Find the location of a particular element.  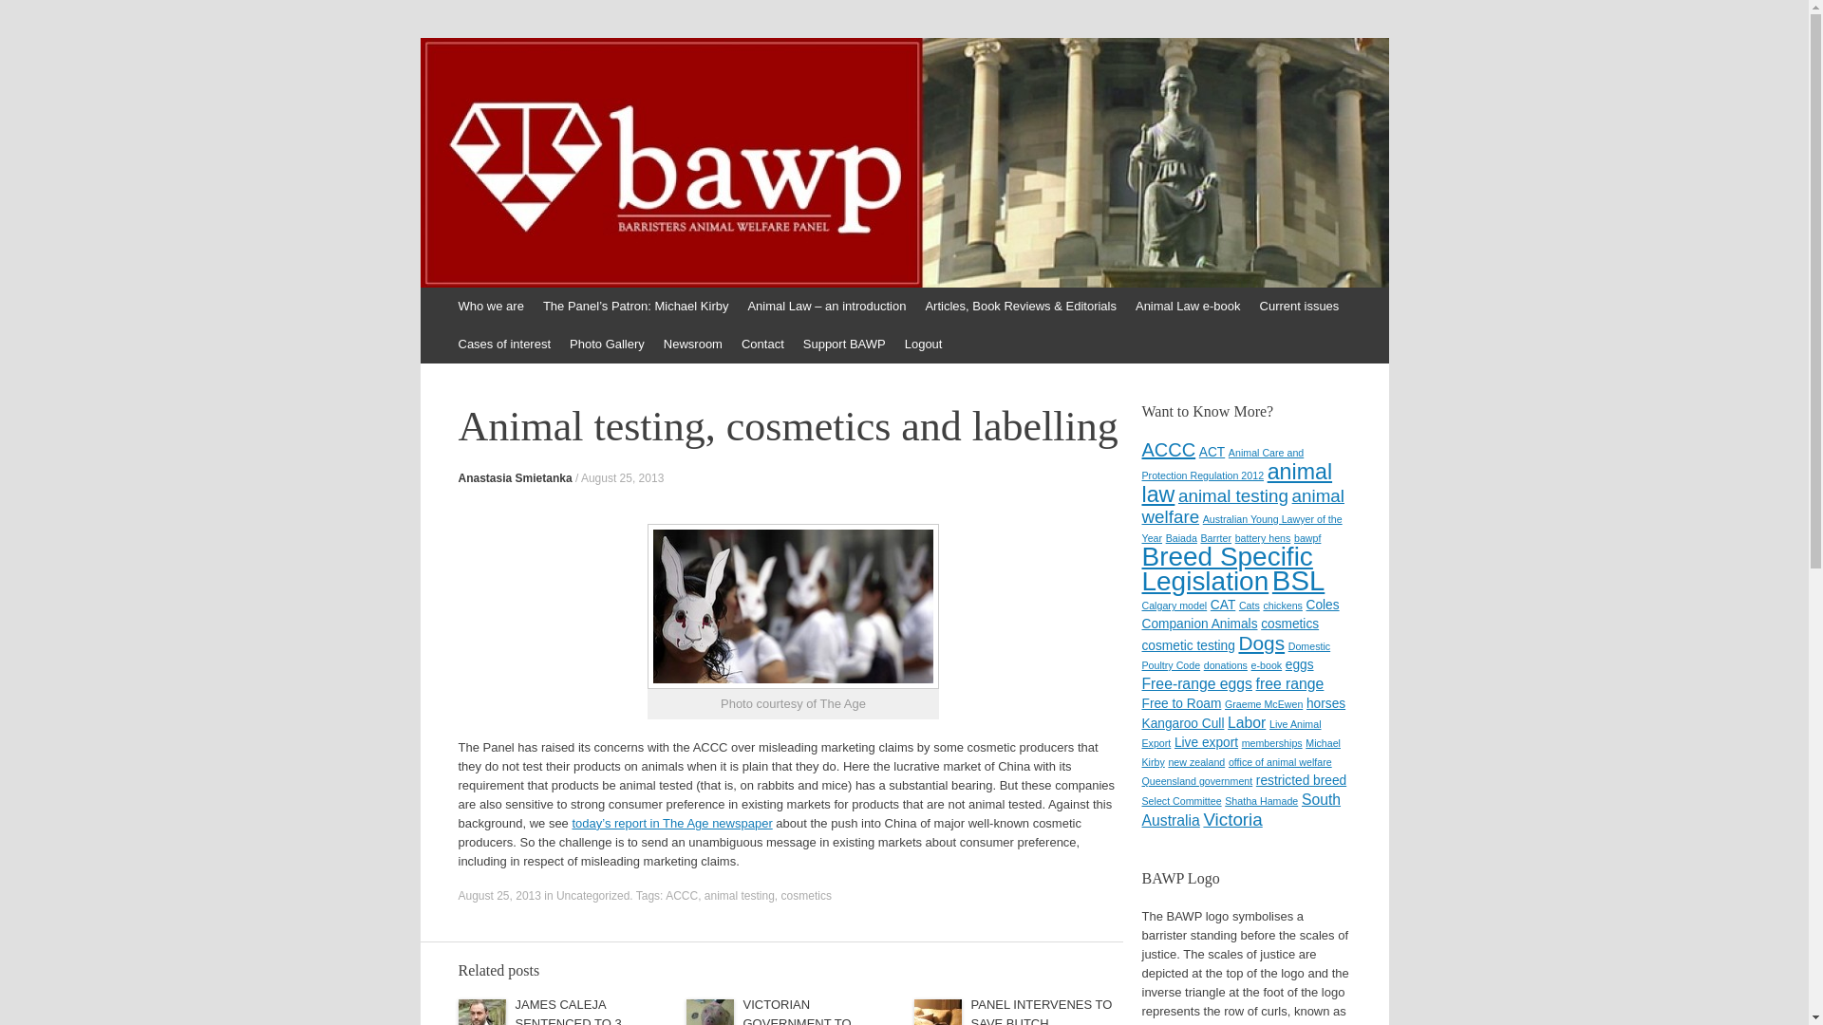

'animal welfare' is located at coordinates (1242, 505).